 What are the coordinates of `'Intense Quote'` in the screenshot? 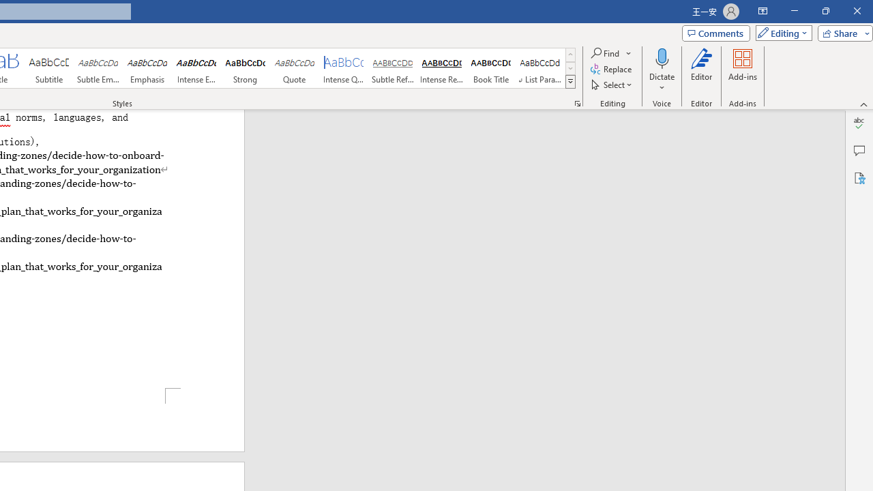 It's located at (344, 68).